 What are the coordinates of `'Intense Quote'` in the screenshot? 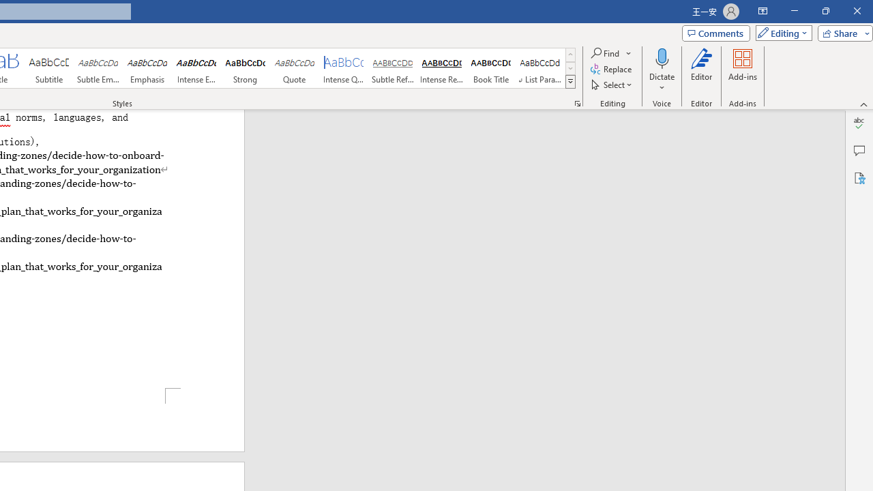 It's located at (344, 68).